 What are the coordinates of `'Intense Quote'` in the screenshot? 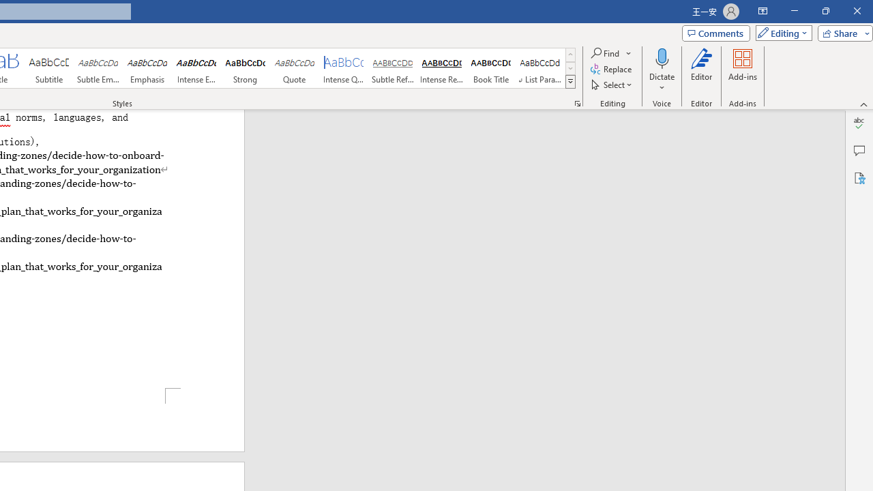 It's located at (344, 68).